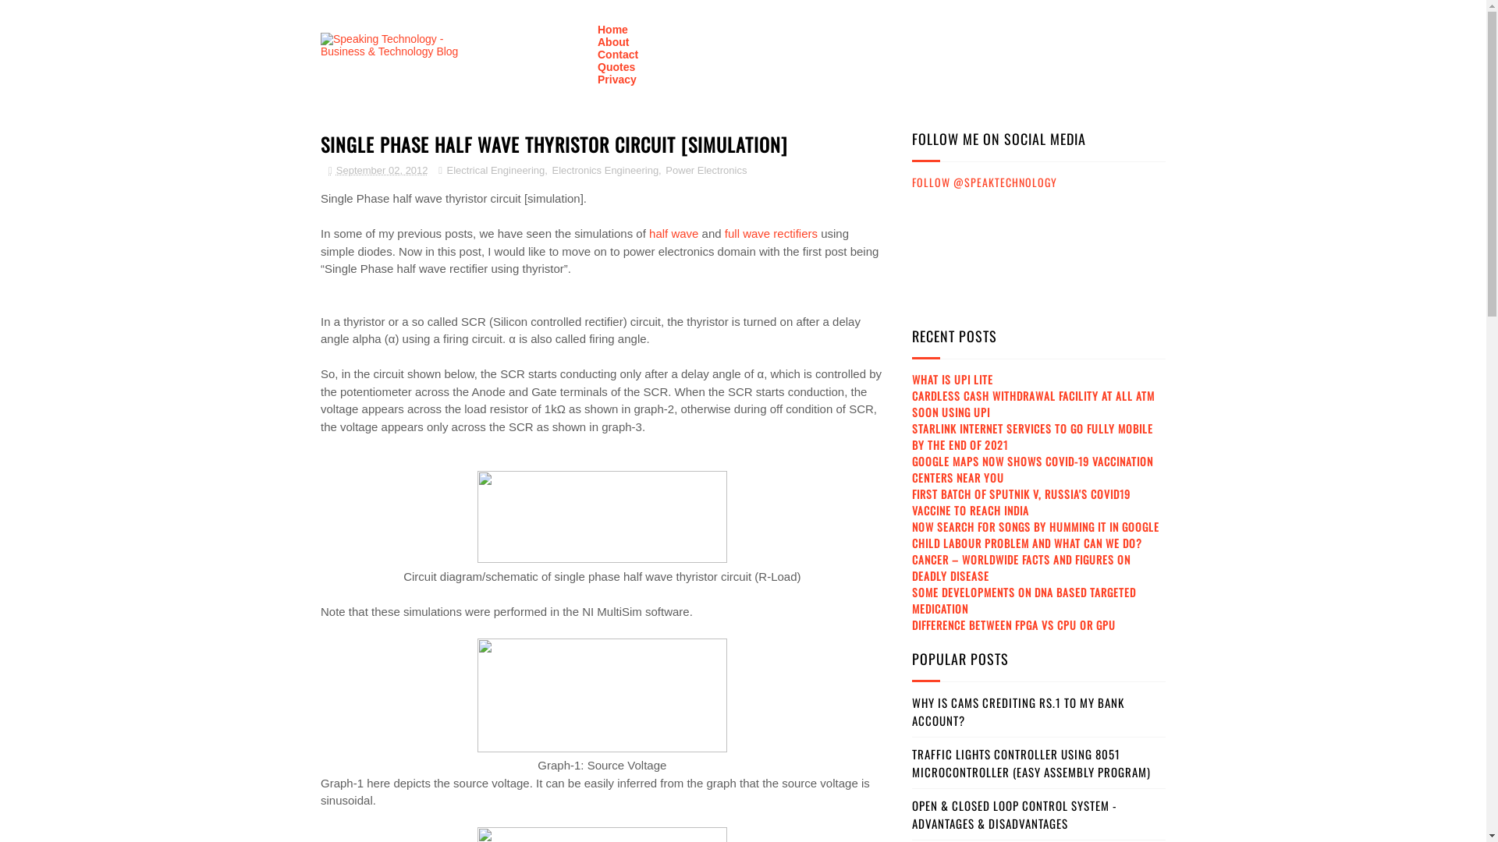  Describe the element at coordinates (1013, 624) in the screenshot. I see `'DIFFERENCE BETWEEN FPGA VS CPU OR GPU'` at that location.